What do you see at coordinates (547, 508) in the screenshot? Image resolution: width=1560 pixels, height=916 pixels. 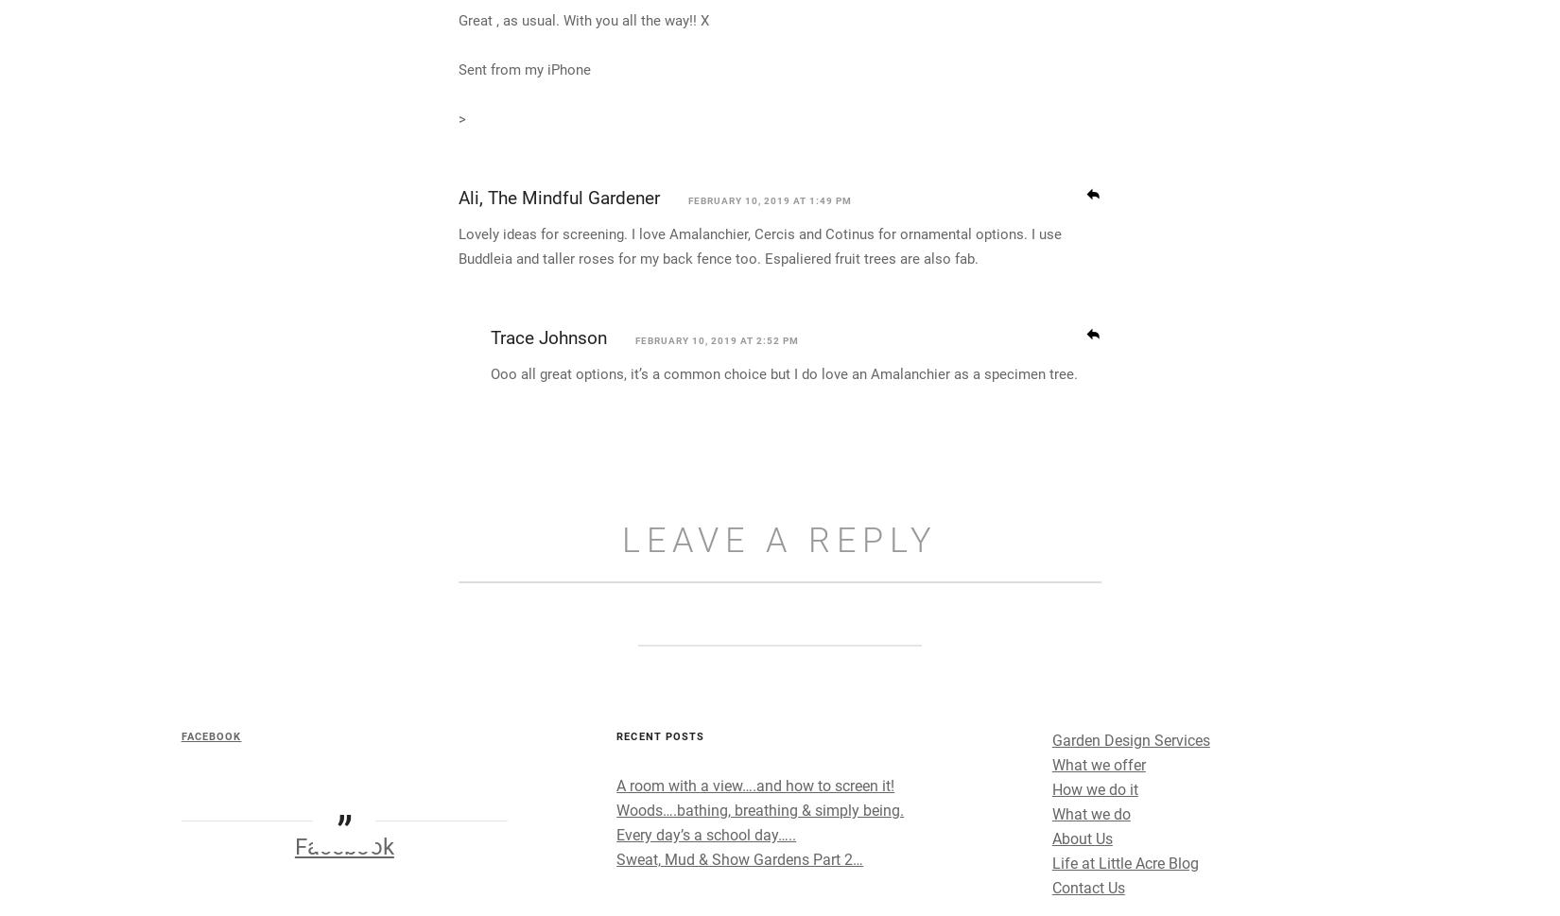 I see `'Trace Johnson'` at bounding box center [547, 508].